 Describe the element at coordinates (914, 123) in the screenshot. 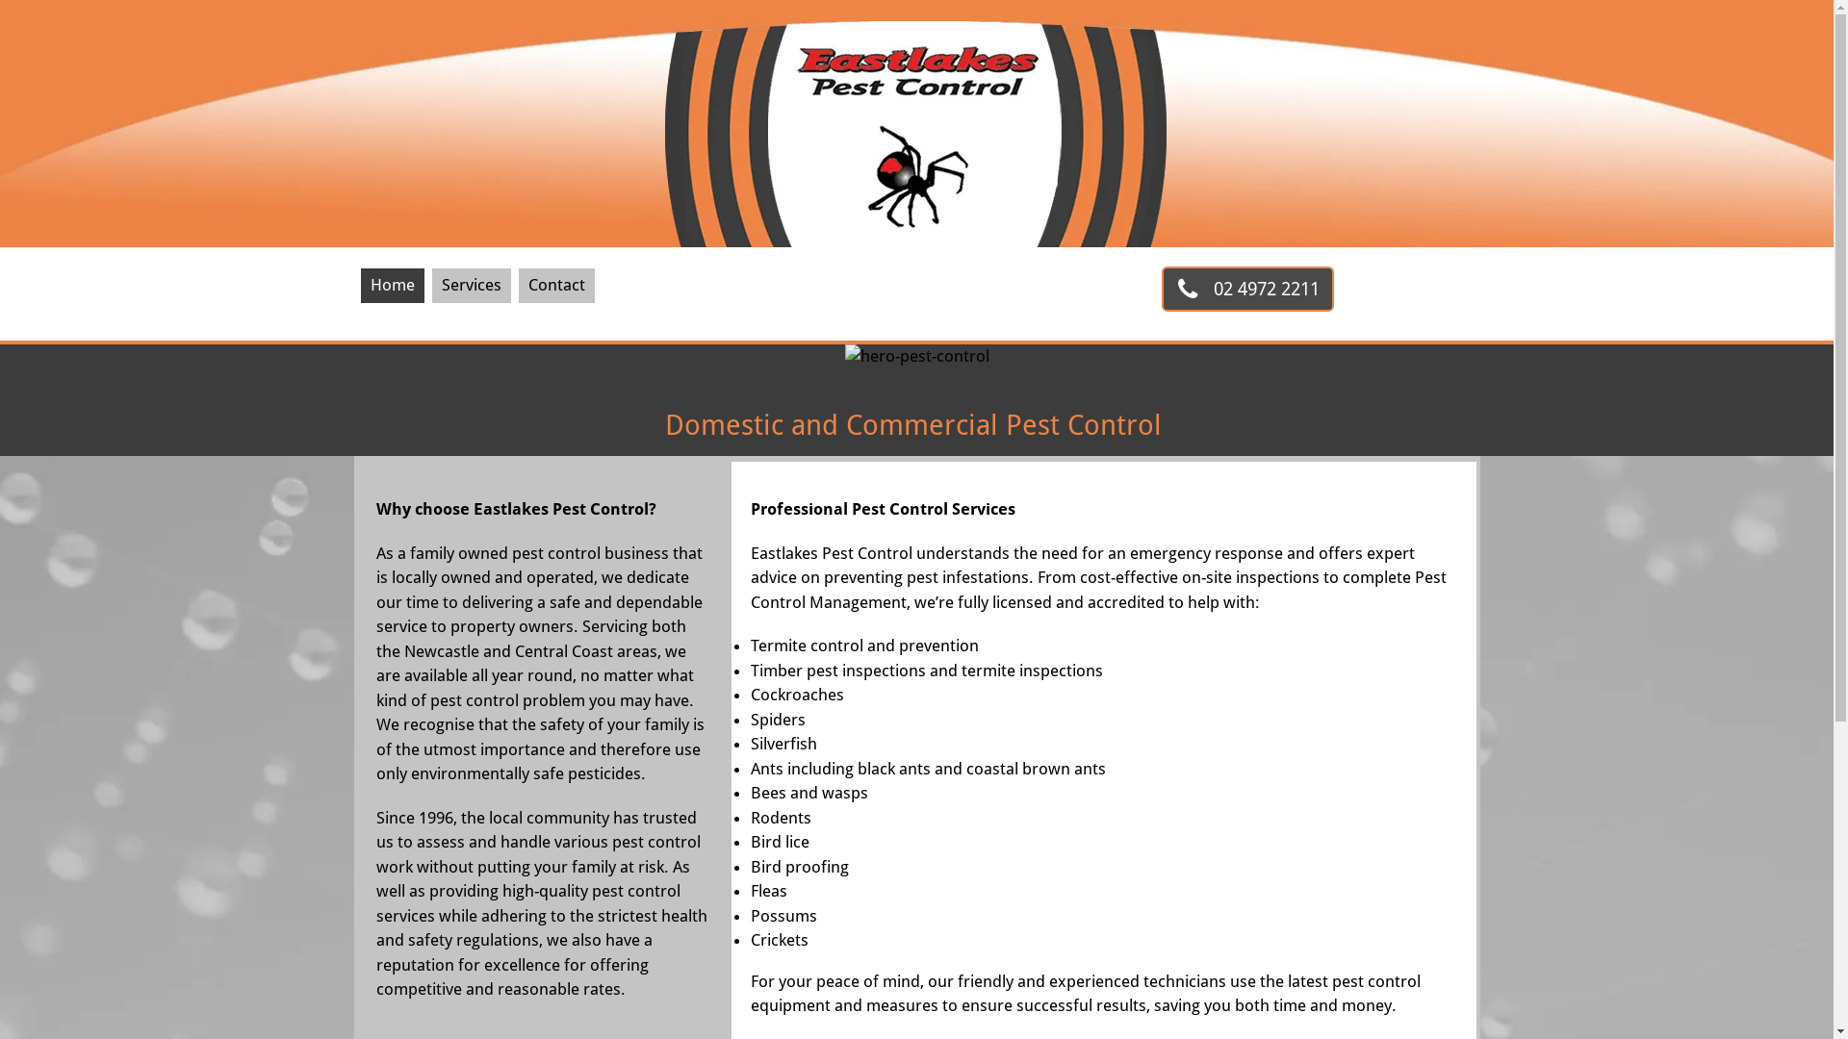

I see `'eastlakes pest control business logo'` at that location.